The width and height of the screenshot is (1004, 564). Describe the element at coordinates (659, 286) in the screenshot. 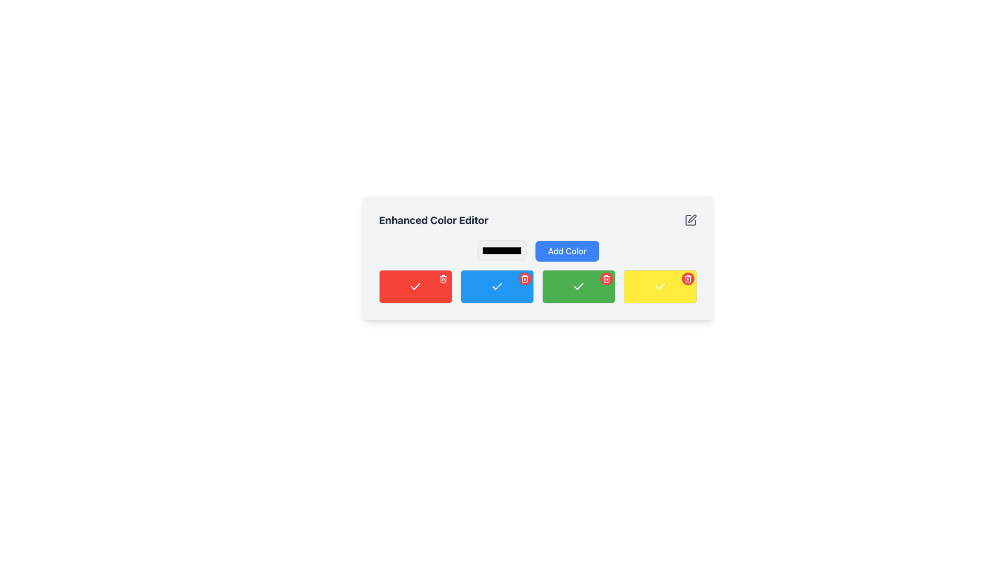

I see `the confirmation icon located within the yellow button, which is the fourth button in a horizontal row at the bottom of the interface` at that location.